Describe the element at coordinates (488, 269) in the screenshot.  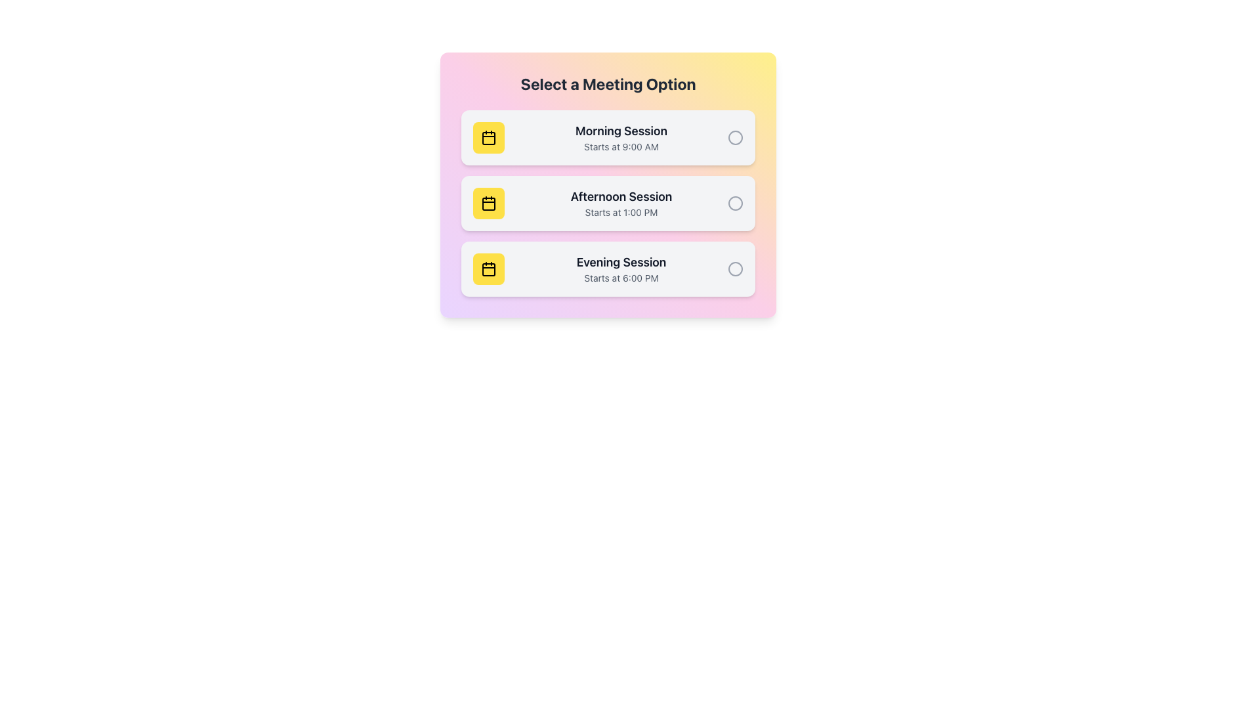
I see `the calendar icon component with a yellow background located in the top-left corner of the 'Evening Session' meeting option card` at that location.